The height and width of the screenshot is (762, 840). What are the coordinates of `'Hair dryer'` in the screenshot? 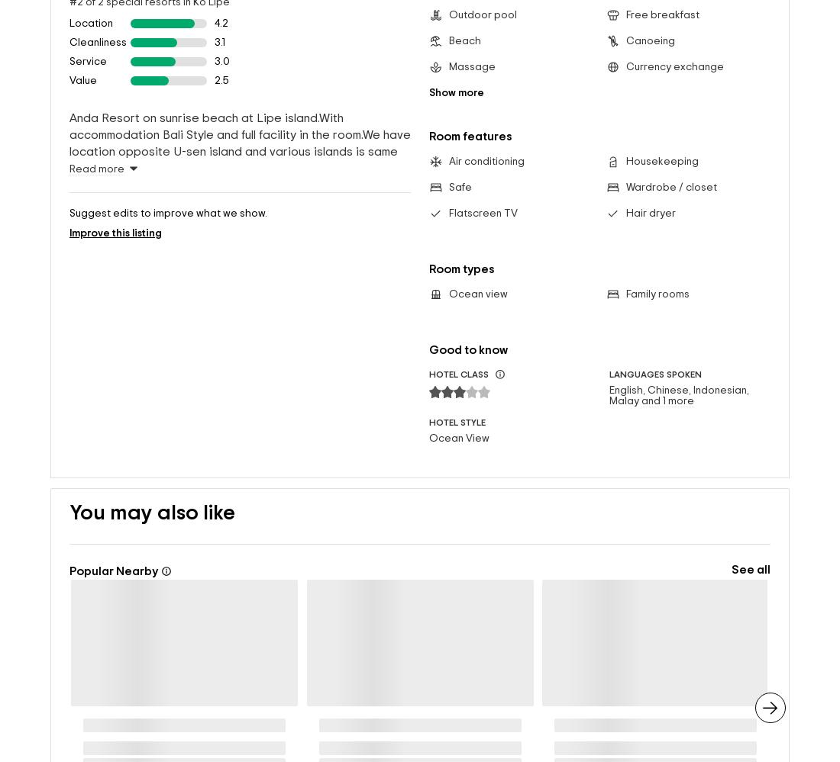 It's located at (649, 188).